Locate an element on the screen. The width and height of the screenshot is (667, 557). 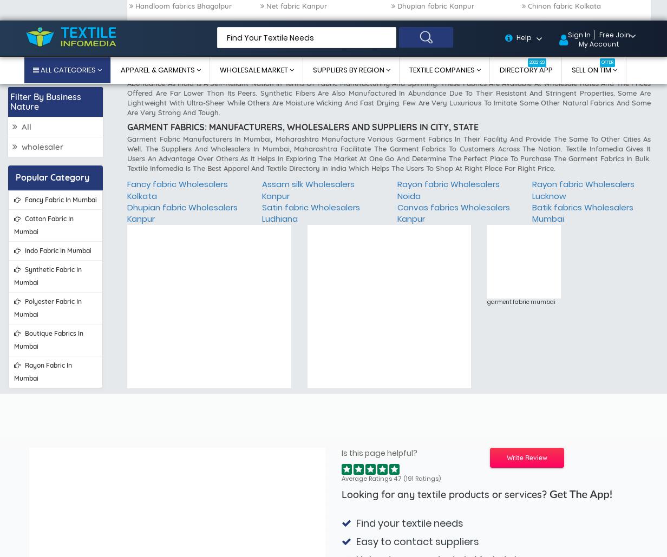
'Looking for any textile products or services?' is located at coordinates (445, 156).